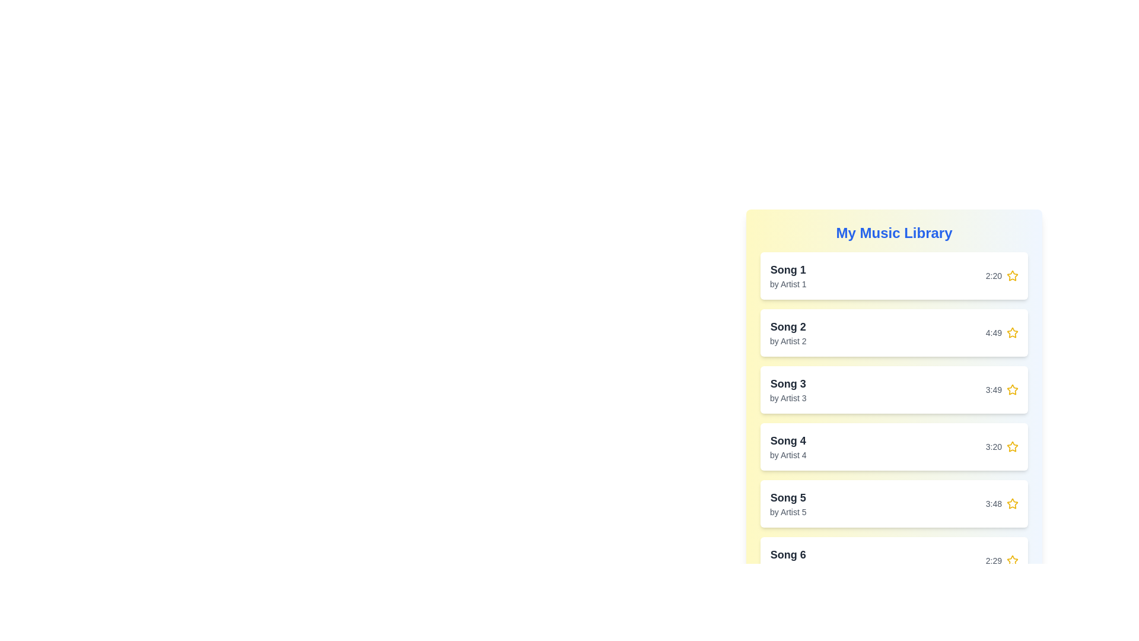 The height and width of the screenshot is (641, 1139). What do you see at coordinates (1012, 503) in the screenshot?
I see `the yellow star icon located in the fifth row of the list, adjacent to the time display '3:48'` at bounding box center [1012, 503].